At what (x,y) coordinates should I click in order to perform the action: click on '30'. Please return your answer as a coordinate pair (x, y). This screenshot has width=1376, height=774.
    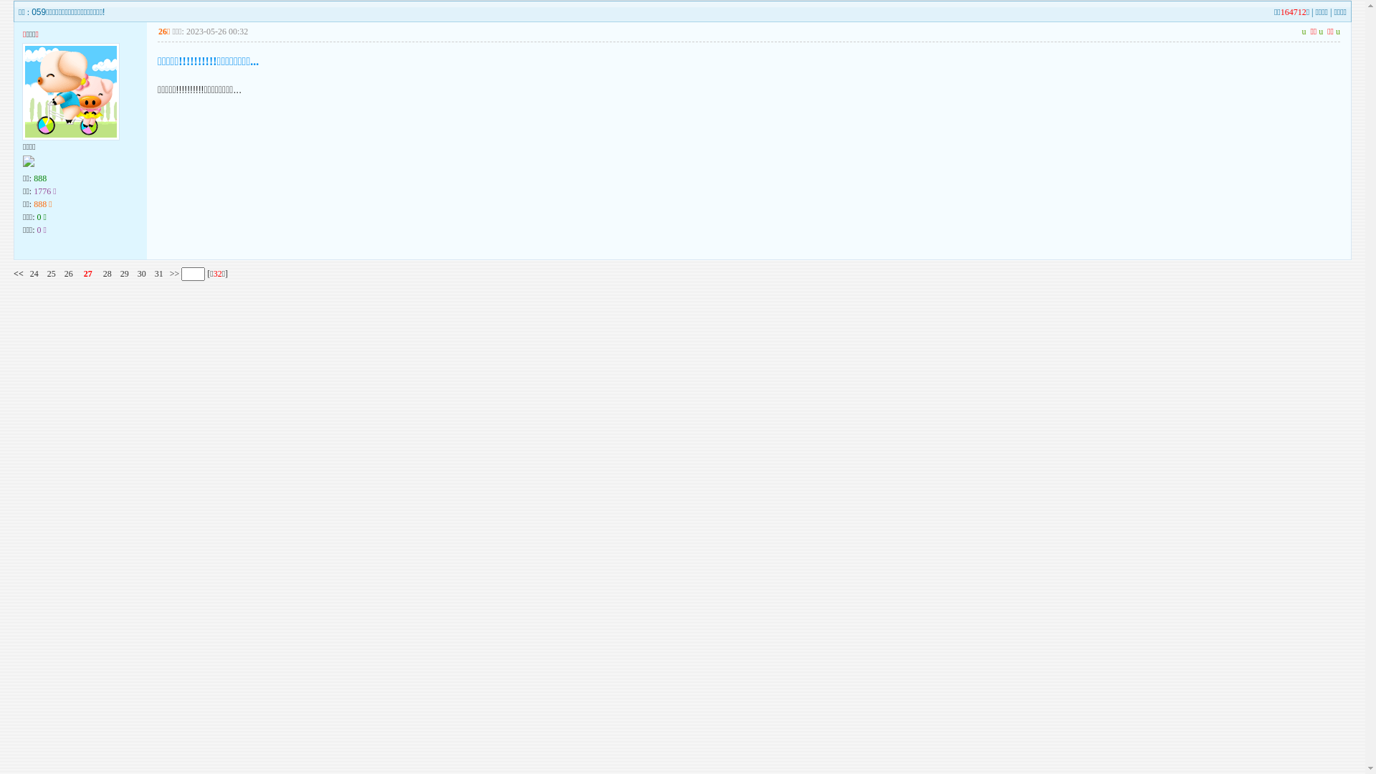
    Looking at the image, I should click on (141, 273).